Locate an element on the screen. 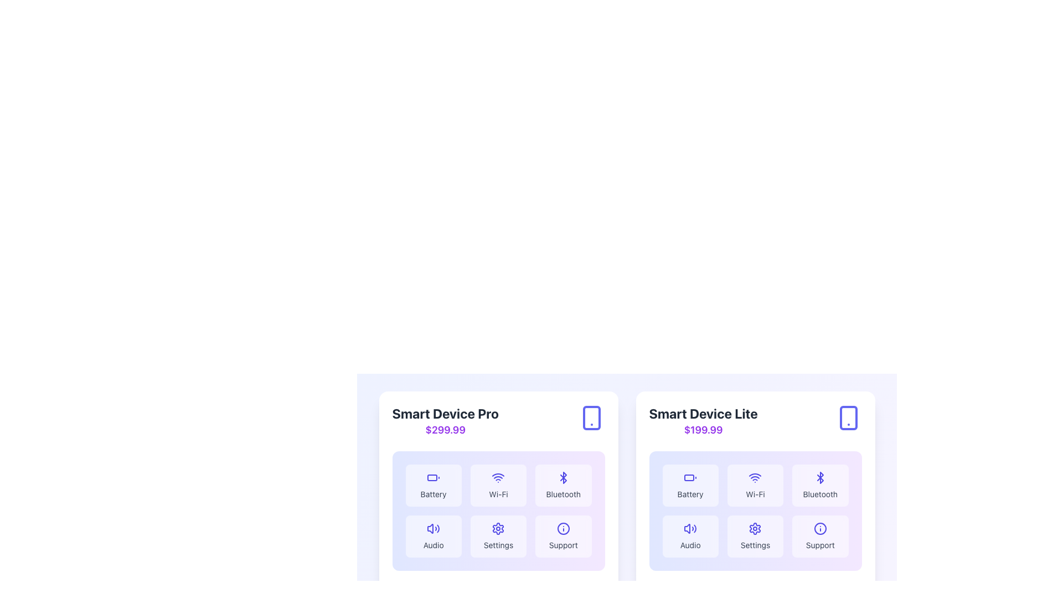  the leftmost audio control icon depicting volume adjustment, which is part of a graphical speaker representation in the audio interface is located at coordinates (687, 528).